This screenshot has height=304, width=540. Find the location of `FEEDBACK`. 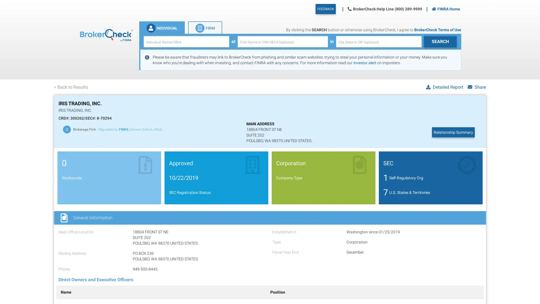

FEEDBACK is located at coordinates (325, 9).